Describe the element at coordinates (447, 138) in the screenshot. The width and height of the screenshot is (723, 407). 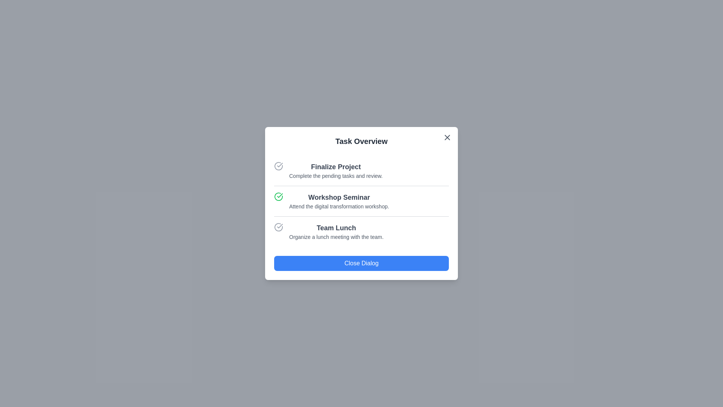
I see `the close button to close the dialog` at that location.